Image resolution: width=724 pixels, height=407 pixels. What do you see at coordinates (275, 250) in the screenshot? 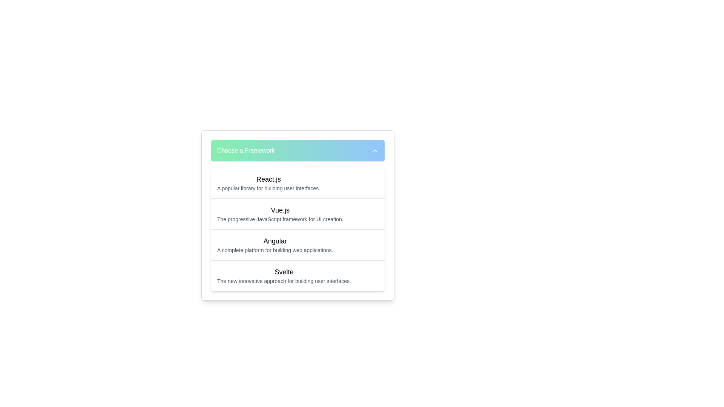
I see `the gray text label that reads 'A complete platform for building web applications.' located within the 'Angular' card, positioned below the title 'Angular'` at bounding box center [275, 250].